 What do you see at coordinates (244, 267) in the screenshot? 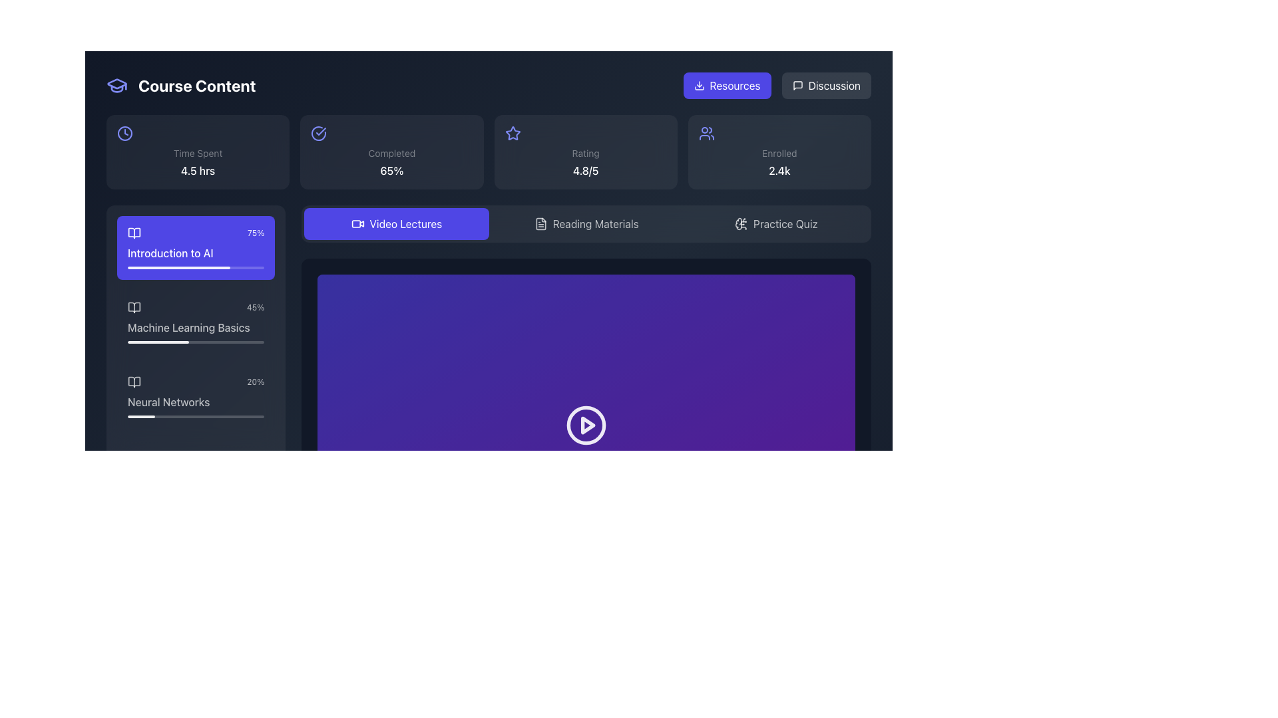
I see `the progress bar` at bounding box center [244, 267].